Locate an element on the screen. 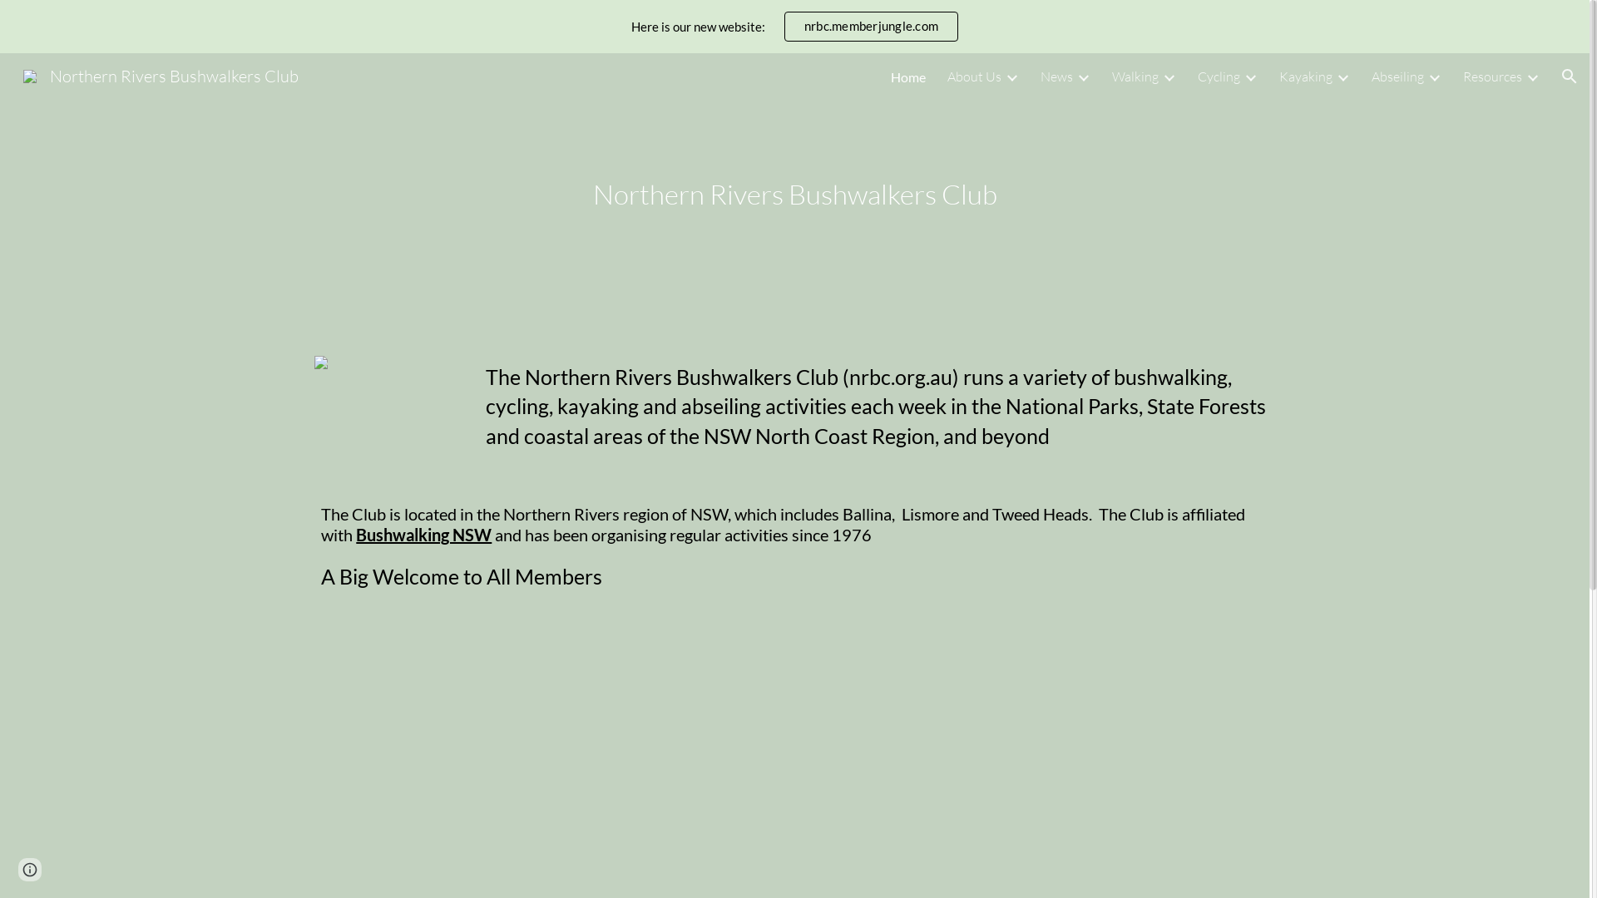  'Expand/Collapse' is located at coordinates (1432, 76).